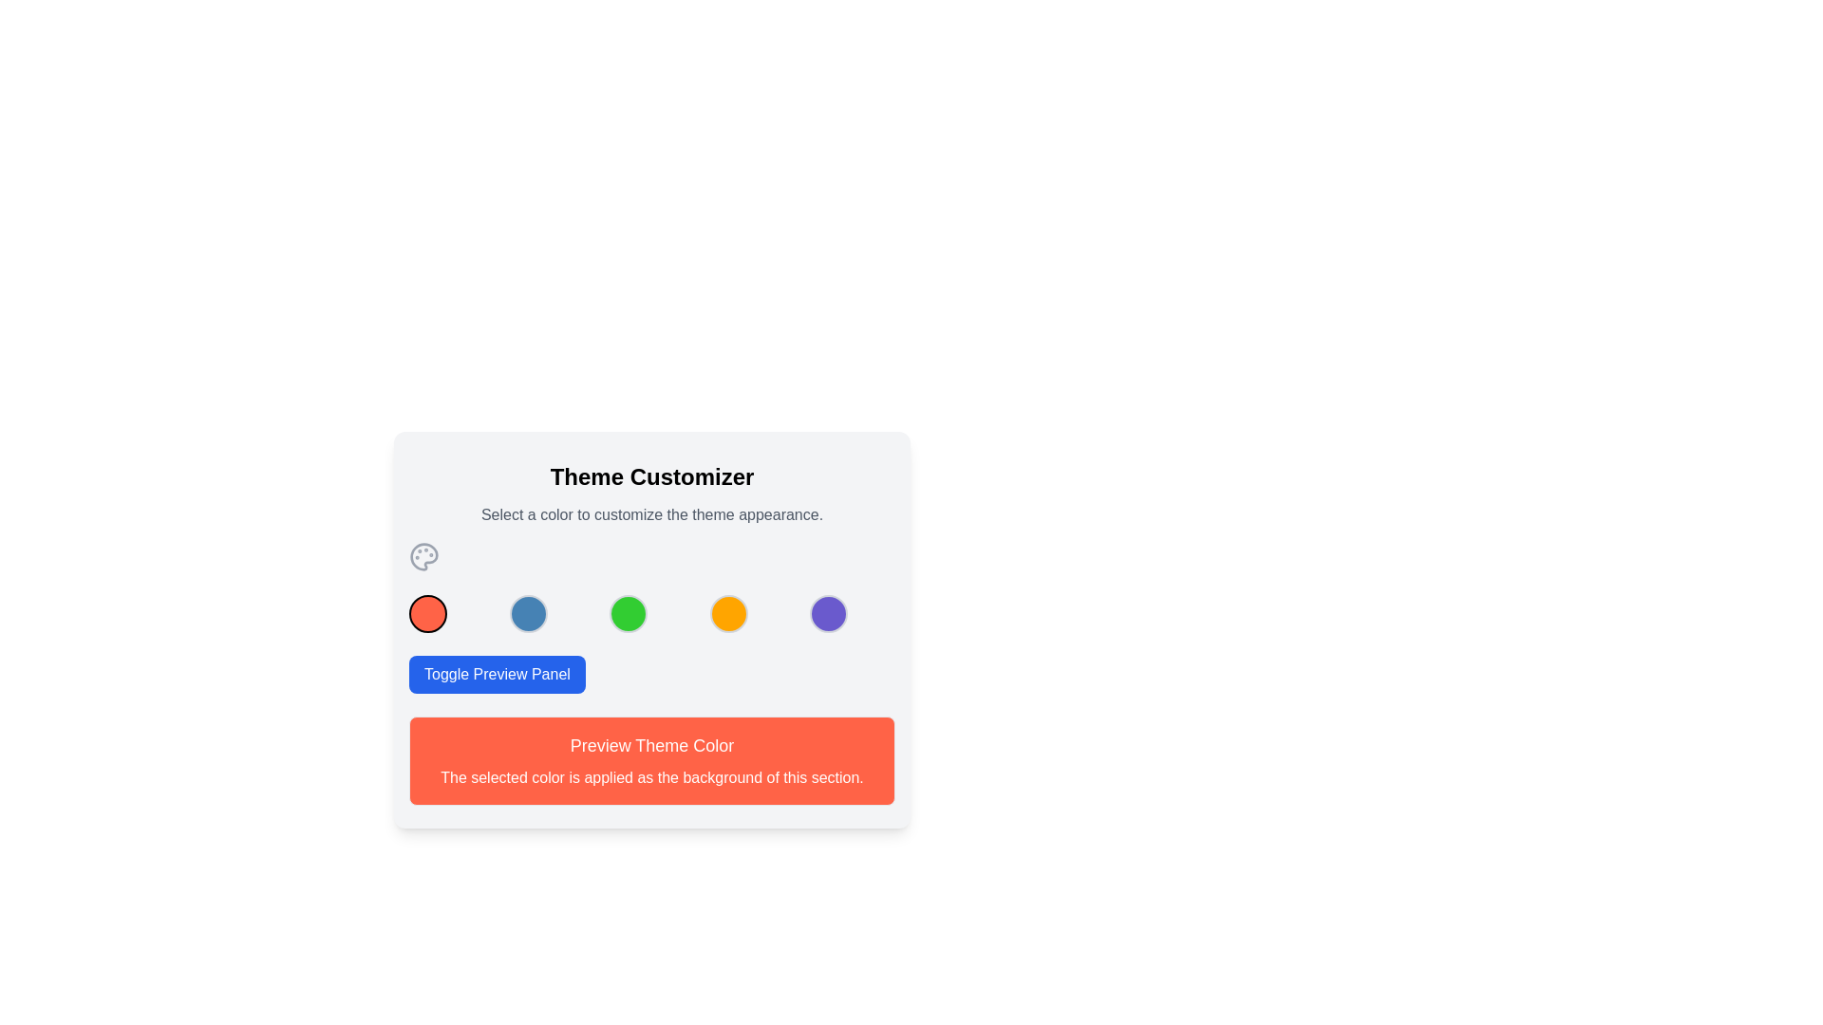 The height and width of the screenshot is (1025, 1823). Describe the element at coordinates (651, 629) in the screenshot. I see `the third circle button for the green theme color selection located under the 'Theme Customizer' section` at that location.